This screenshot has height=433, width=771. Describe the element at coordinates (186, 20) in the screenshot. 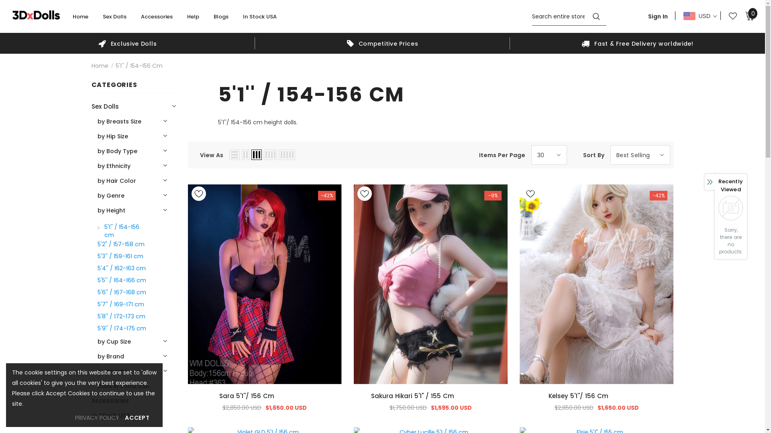

I see `'Help'` at that location.